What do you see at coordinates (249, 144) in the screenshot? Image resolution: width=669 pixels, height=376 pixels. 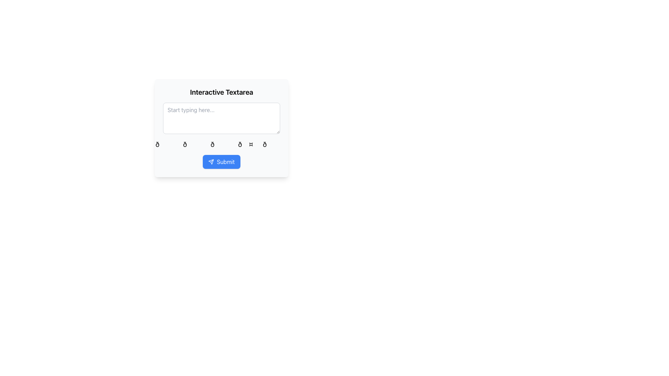 I see `the heart emoji, which is the fourth item in a horizontal list of five emojis` at bounding box center [249, 144].